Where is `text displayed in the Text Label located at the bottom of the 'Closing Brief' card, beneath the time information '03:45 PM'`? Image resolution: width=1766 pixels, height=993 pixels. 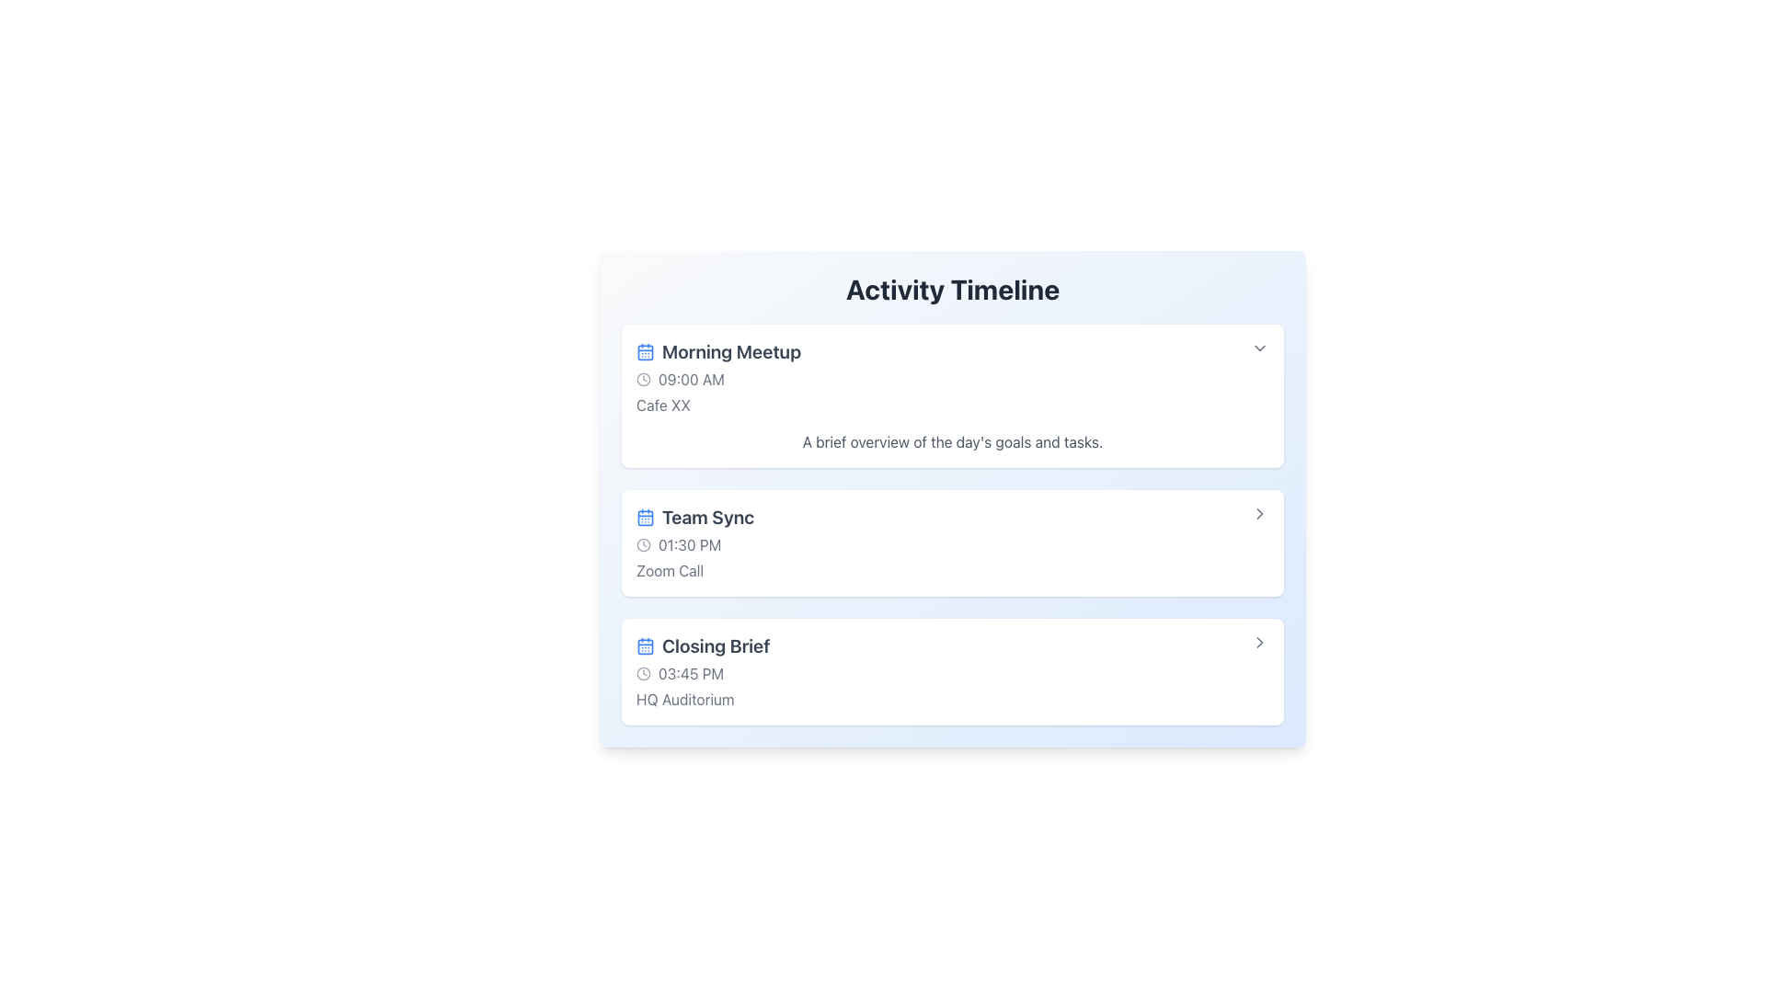 text displayed in the Text Label located at the bottom of the 'Closing Brief' card, beneath the time information '03:45 PM' is located at coordinates (702, 699).